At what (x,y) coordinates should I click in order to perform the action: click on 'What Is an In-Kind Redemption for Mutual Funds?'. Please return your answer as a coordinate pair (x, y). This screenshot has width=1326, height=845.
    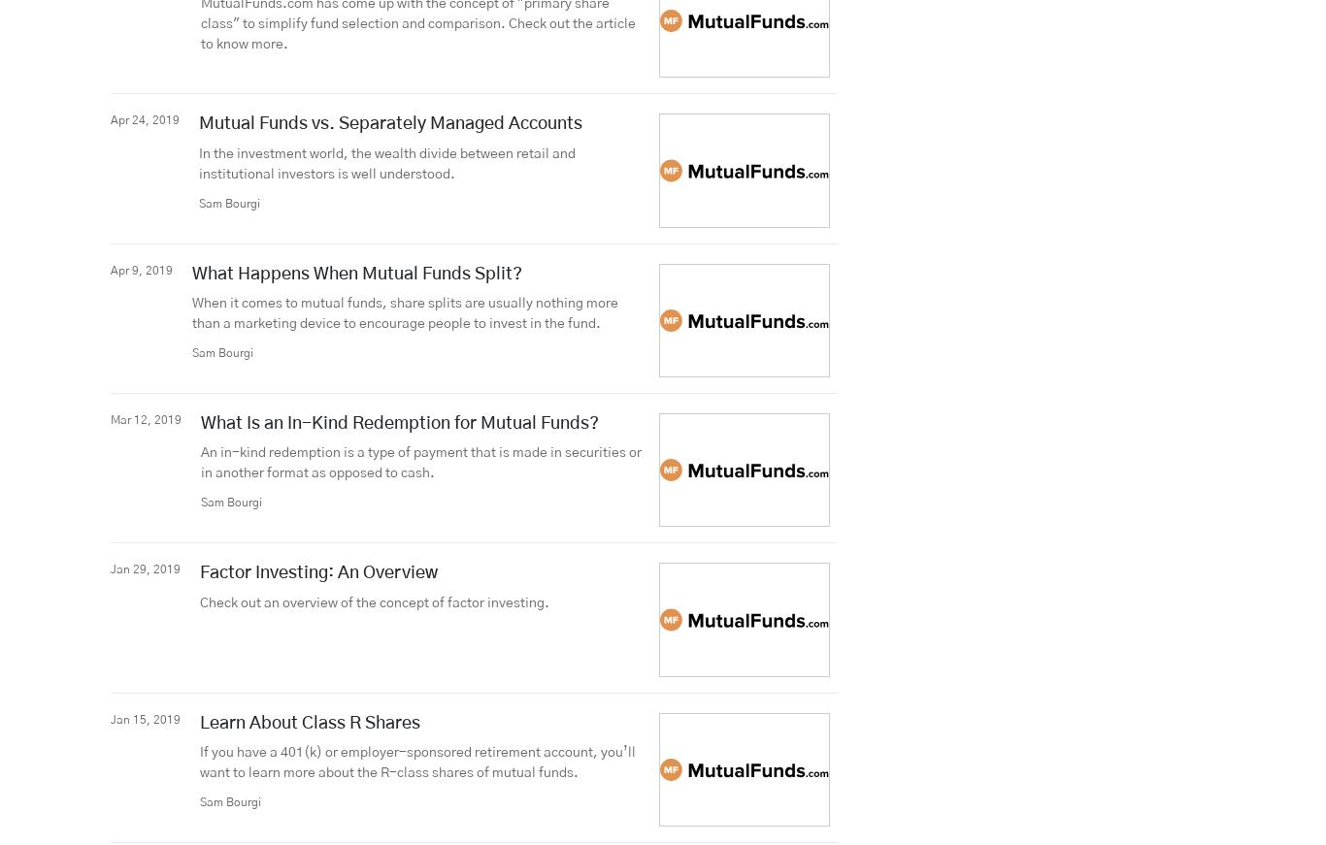
    Looking at the image, I should click on (398, 422).